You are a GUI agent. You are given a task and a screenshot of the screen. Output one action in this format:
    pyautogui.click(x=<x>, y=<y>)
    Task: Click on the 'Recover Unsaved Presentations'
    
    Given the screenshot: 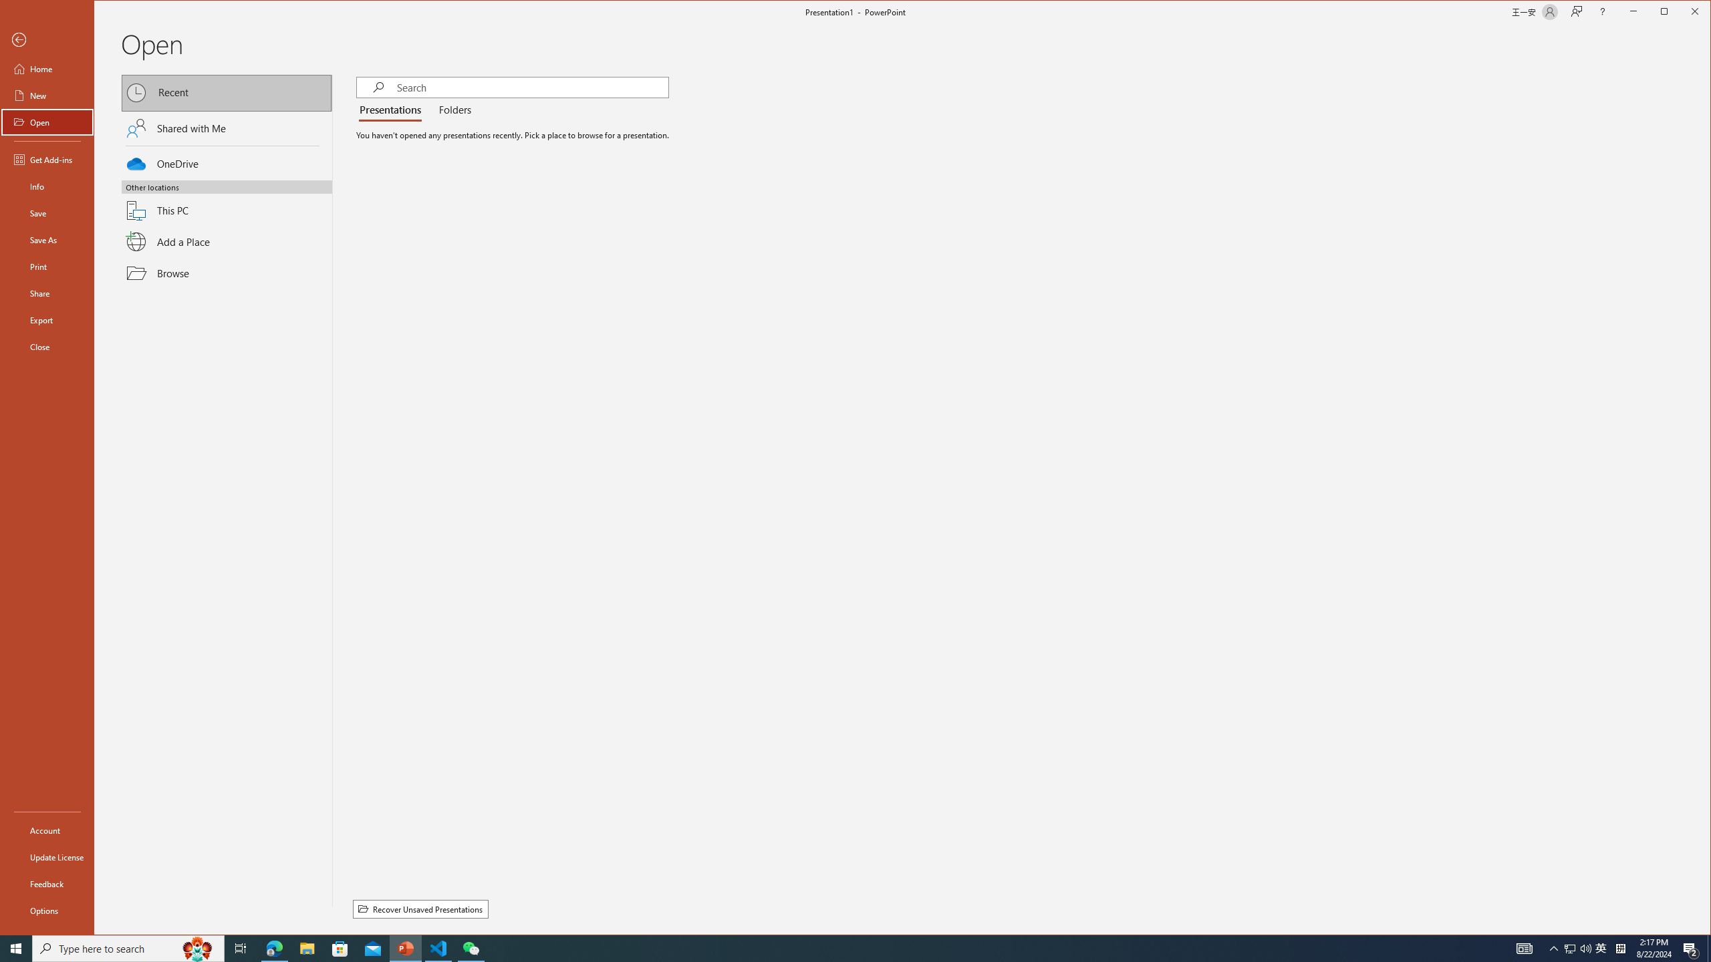 What is the action you would take?
    pyautogui.click(x=420, y=908)
    